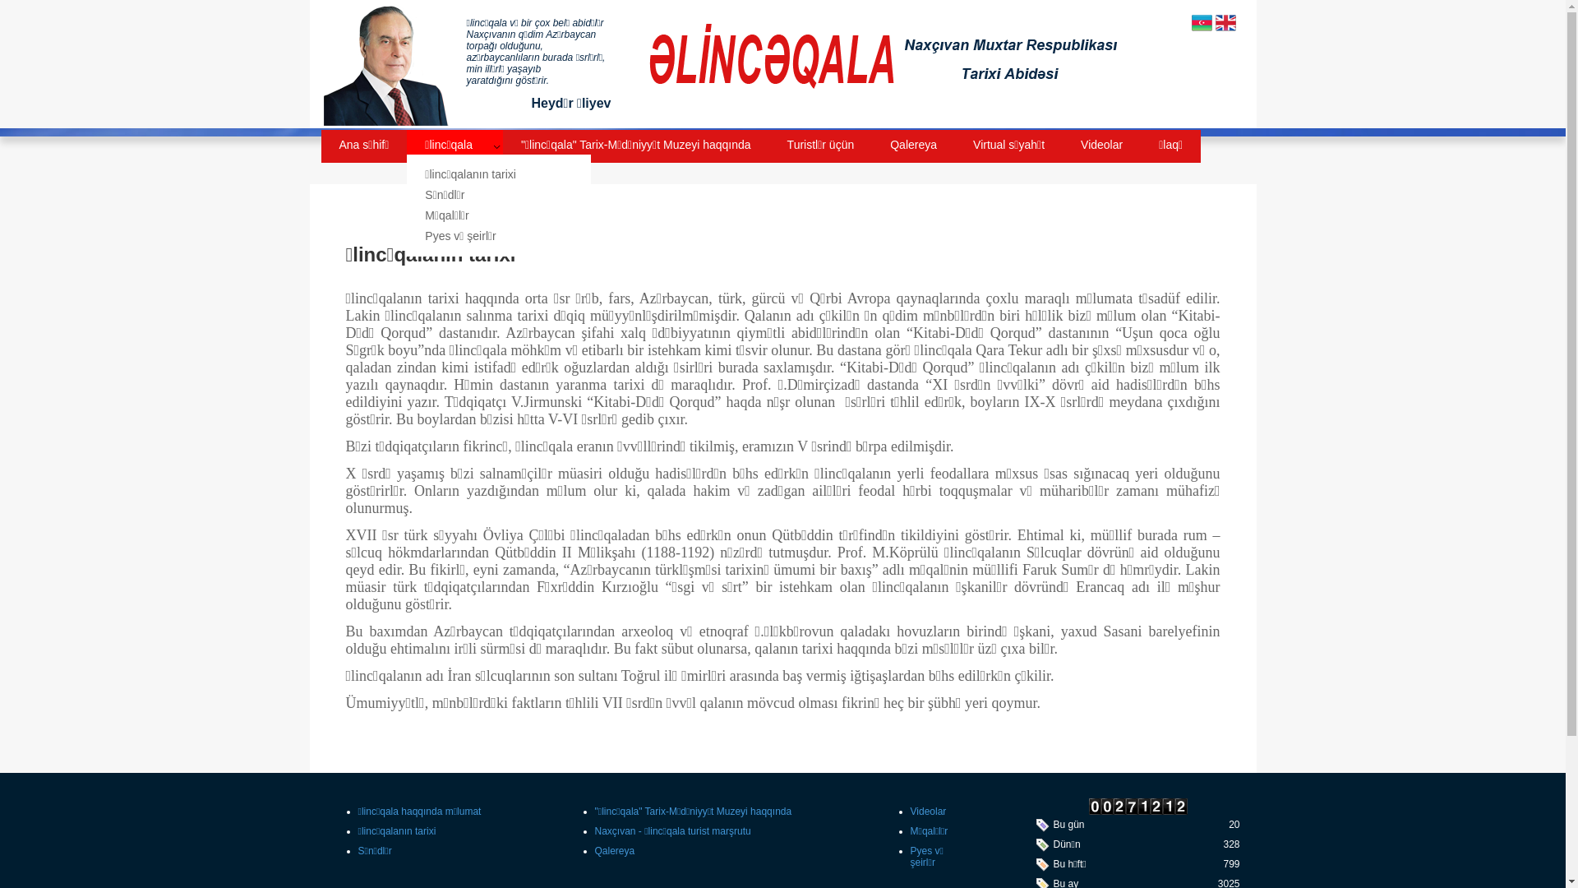 Image resolution: width=1578 pixels, height=888 pixels. I want to click on 'Videolar', so click(928, 811).